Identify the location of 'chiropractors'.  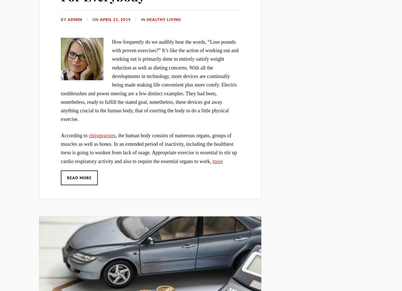
(88, 135).